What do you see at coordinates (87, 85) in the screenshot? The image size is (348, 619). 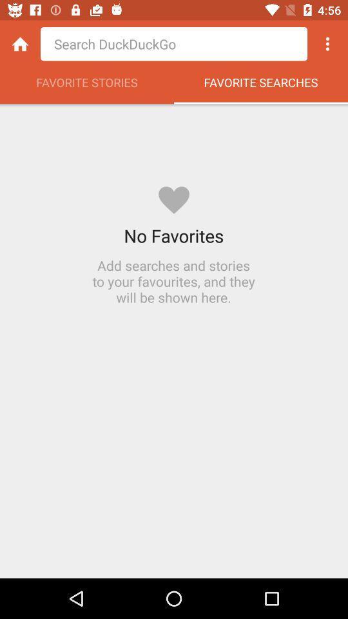 I see `favorite stories item` at bounding box center [87, 85].